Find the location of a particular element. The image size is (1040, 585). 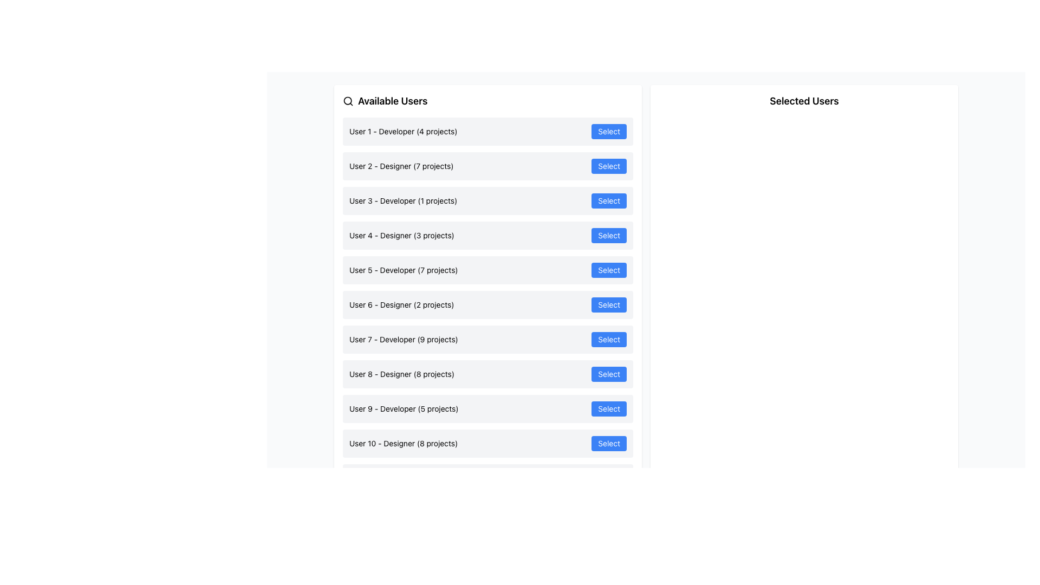

the text label displaying 'User 3 - Developer (1 projects)' which is the third entry in the user list, located on a light gray background, slightly to the left of the 'Select' button is located at coordinates (402, 200).